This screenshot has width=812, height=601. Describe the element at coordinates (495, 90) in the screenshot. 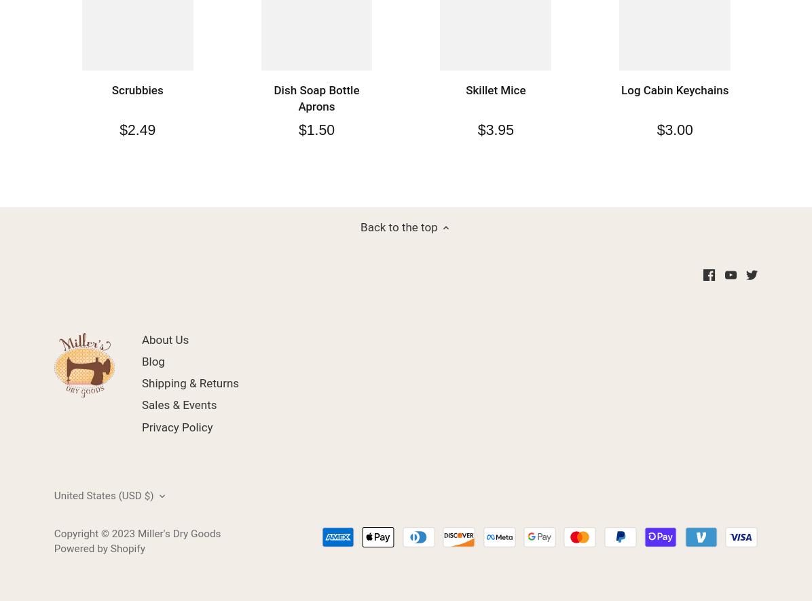

I see `'Skillet Mice'` at that location.